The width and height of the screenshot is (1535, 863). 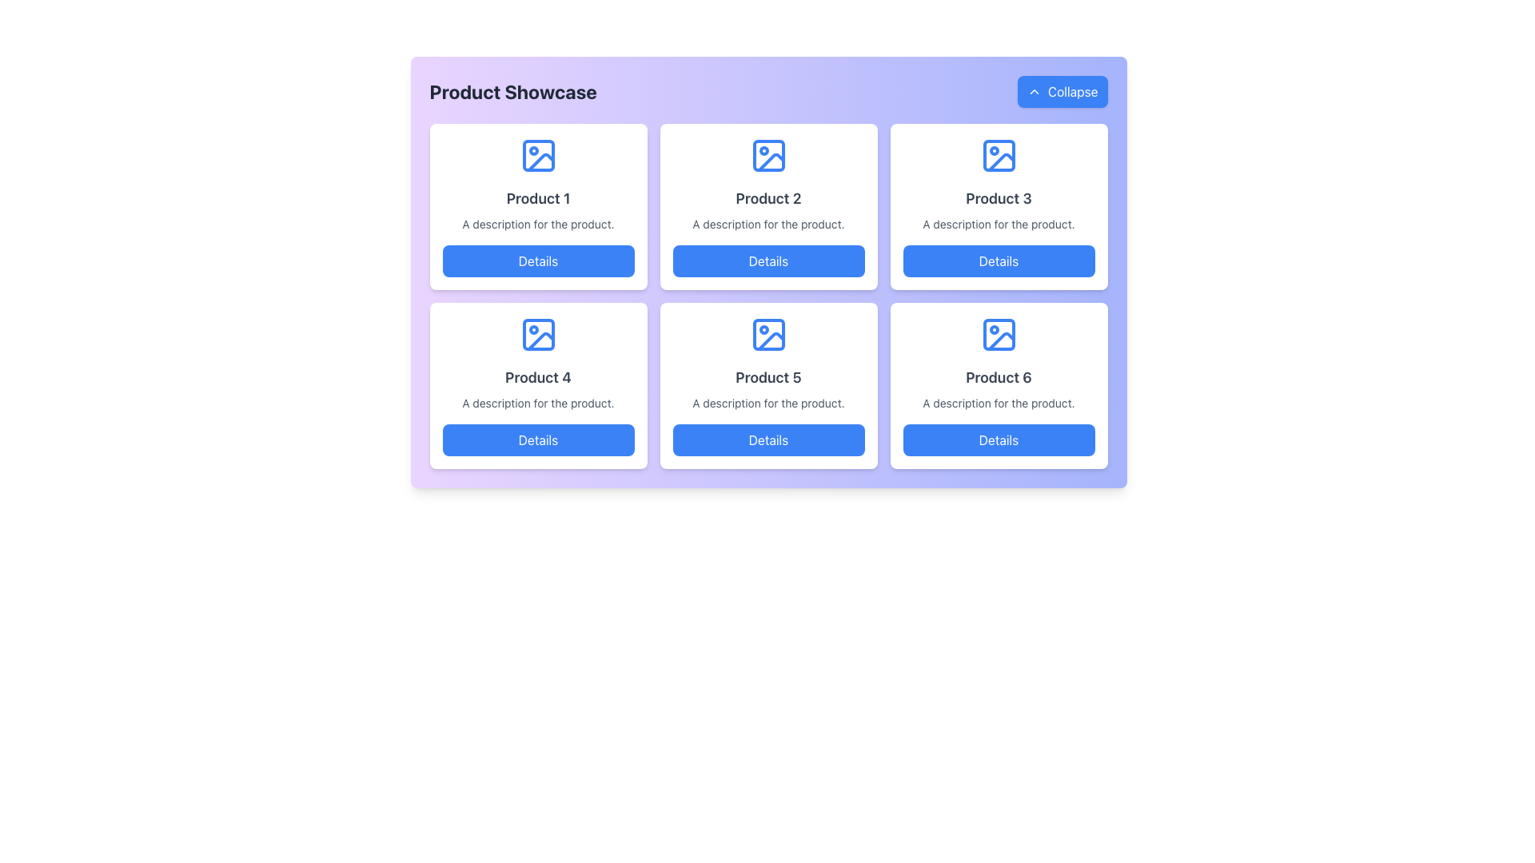 I want to click on the text label displaying 'Product 5' which is in the middle column of the lower row in a 2x3 grid layout, so click(x=768, y=378).